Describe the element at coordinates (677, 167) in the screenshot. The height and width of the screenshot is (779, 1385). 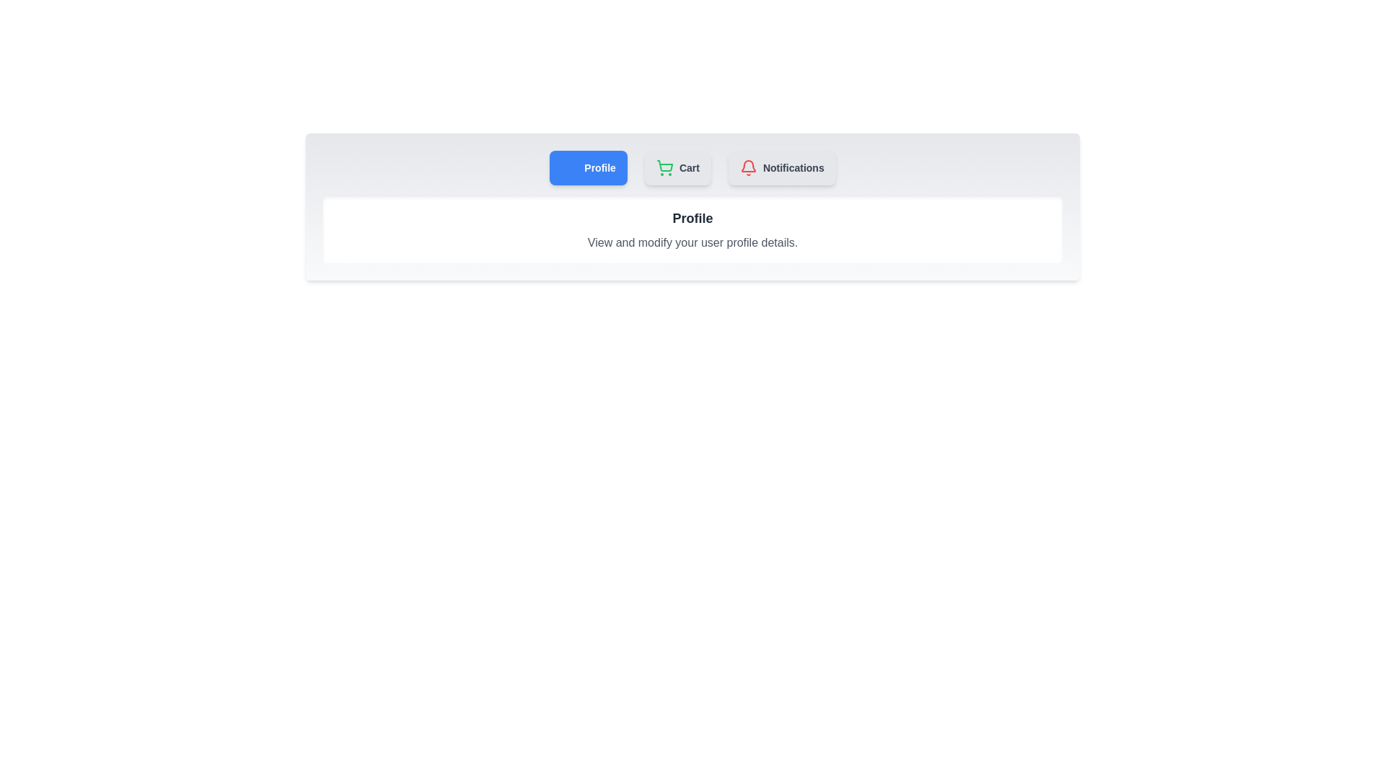
I see `the Cart tab by clicking its button` at that location.